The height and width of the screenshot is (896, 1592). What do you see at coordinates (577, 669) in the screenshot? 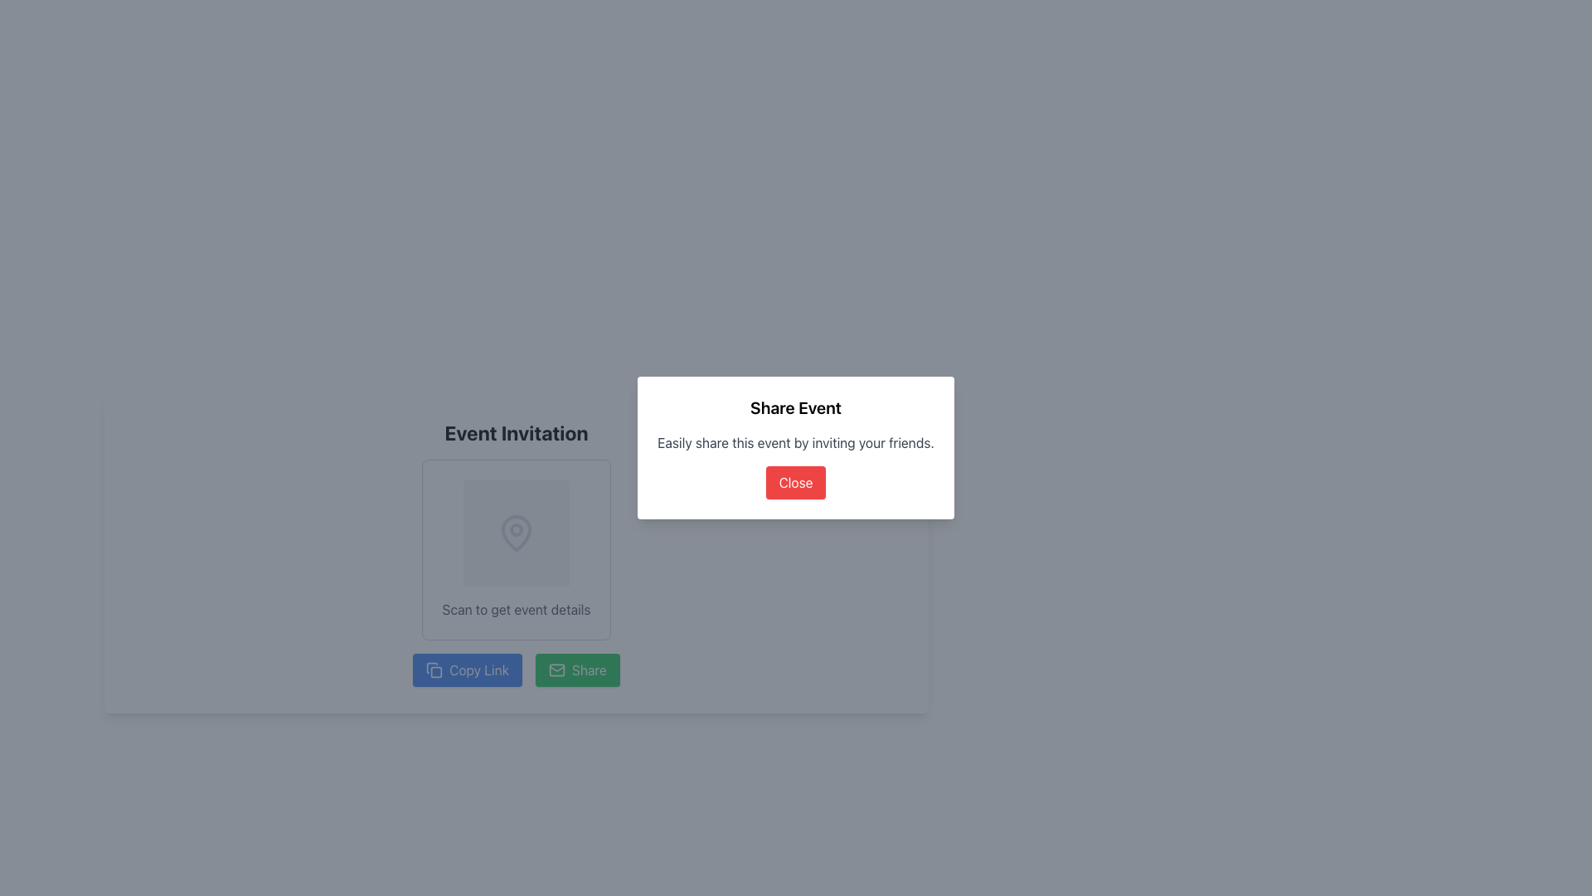
I see `the 'Share' button with a green background and rounded corners located in the lower right corner of the 'Event Invitation' card to initiate sharing` at bounding box center [577, 669].